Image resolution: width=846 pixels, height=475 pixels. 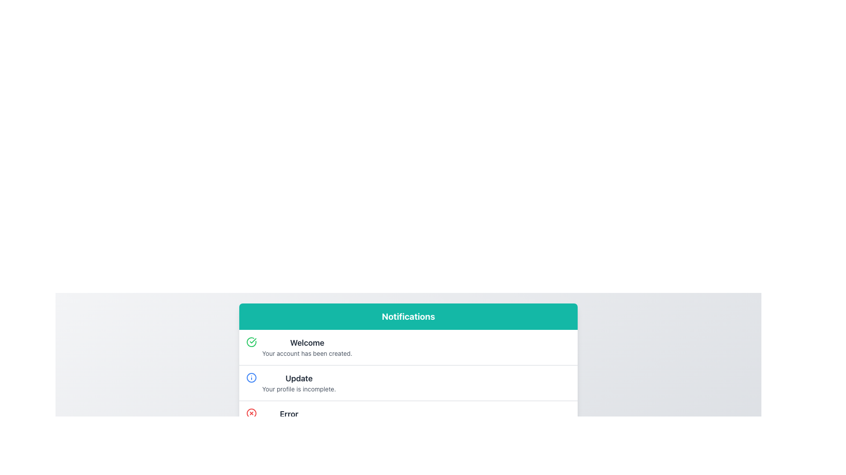 What do you see at coordinates (307, 353) in the screenshot?
I see `the informational message confirming successful account creation located beneath the 'Welcome' text in the 'Notifications' card` at bounding box center [307, 353].